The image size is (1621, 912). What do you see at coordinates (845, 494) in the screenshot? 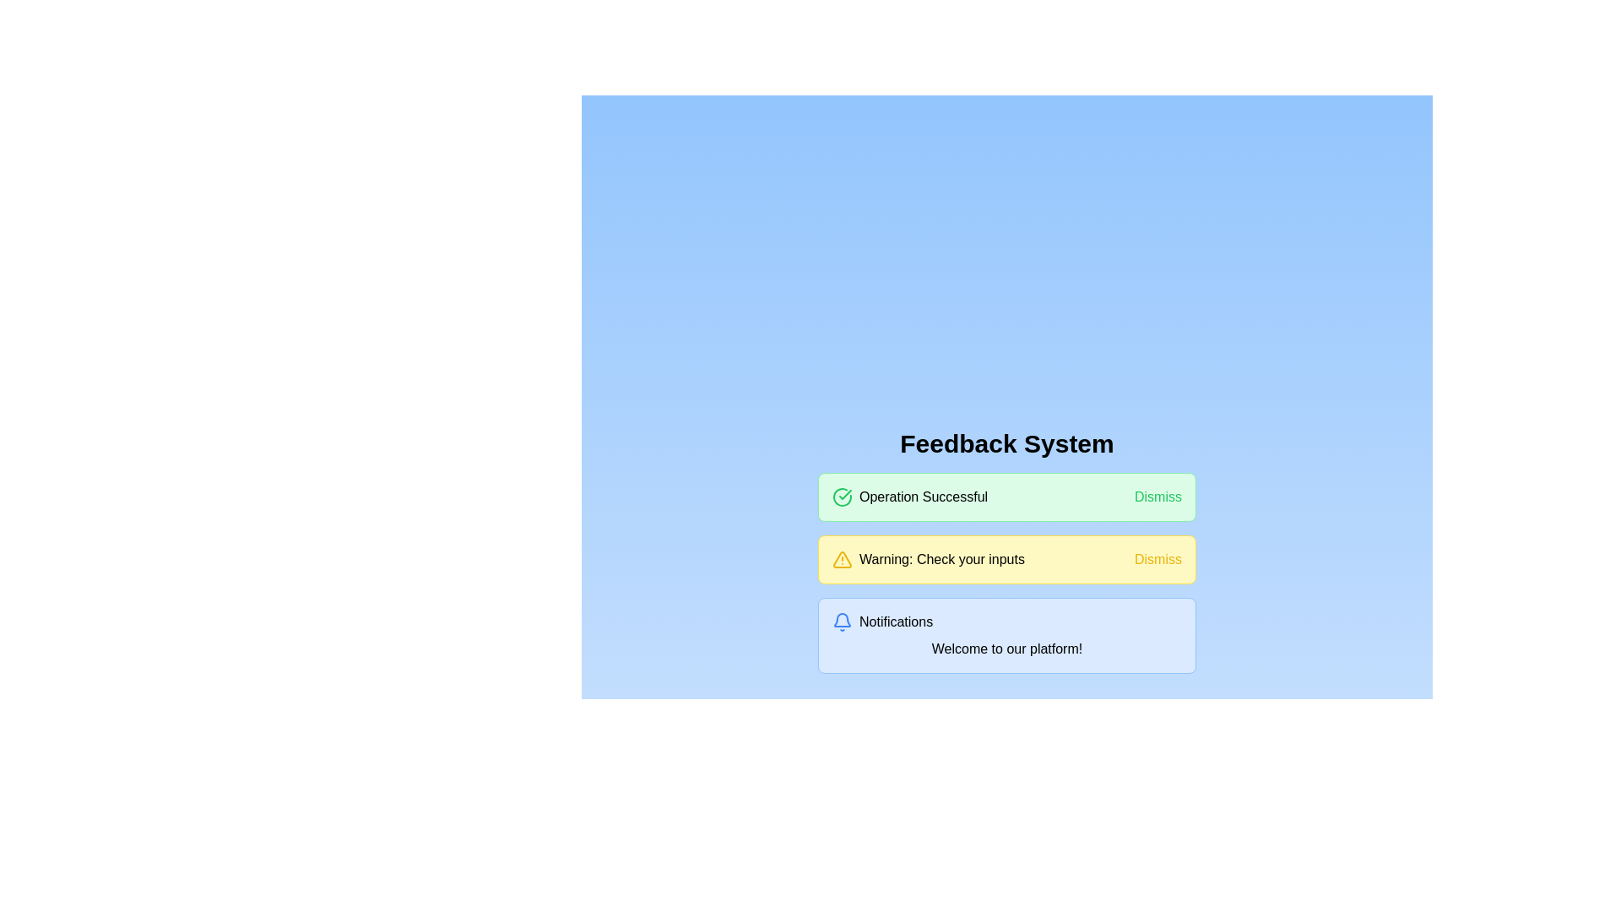
I see `the green checkmark icon within the feedback message box titled 'Operation Successful', which is located near the top center of the interface` at bounding box center [845, 494].